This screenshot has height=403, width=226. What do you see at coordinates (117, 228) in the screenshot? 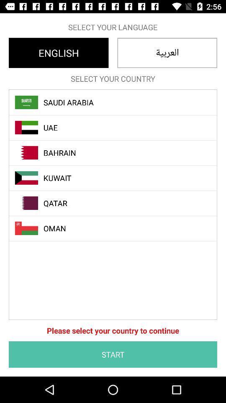
I see `oman icon` at bounding box center [117, 228].